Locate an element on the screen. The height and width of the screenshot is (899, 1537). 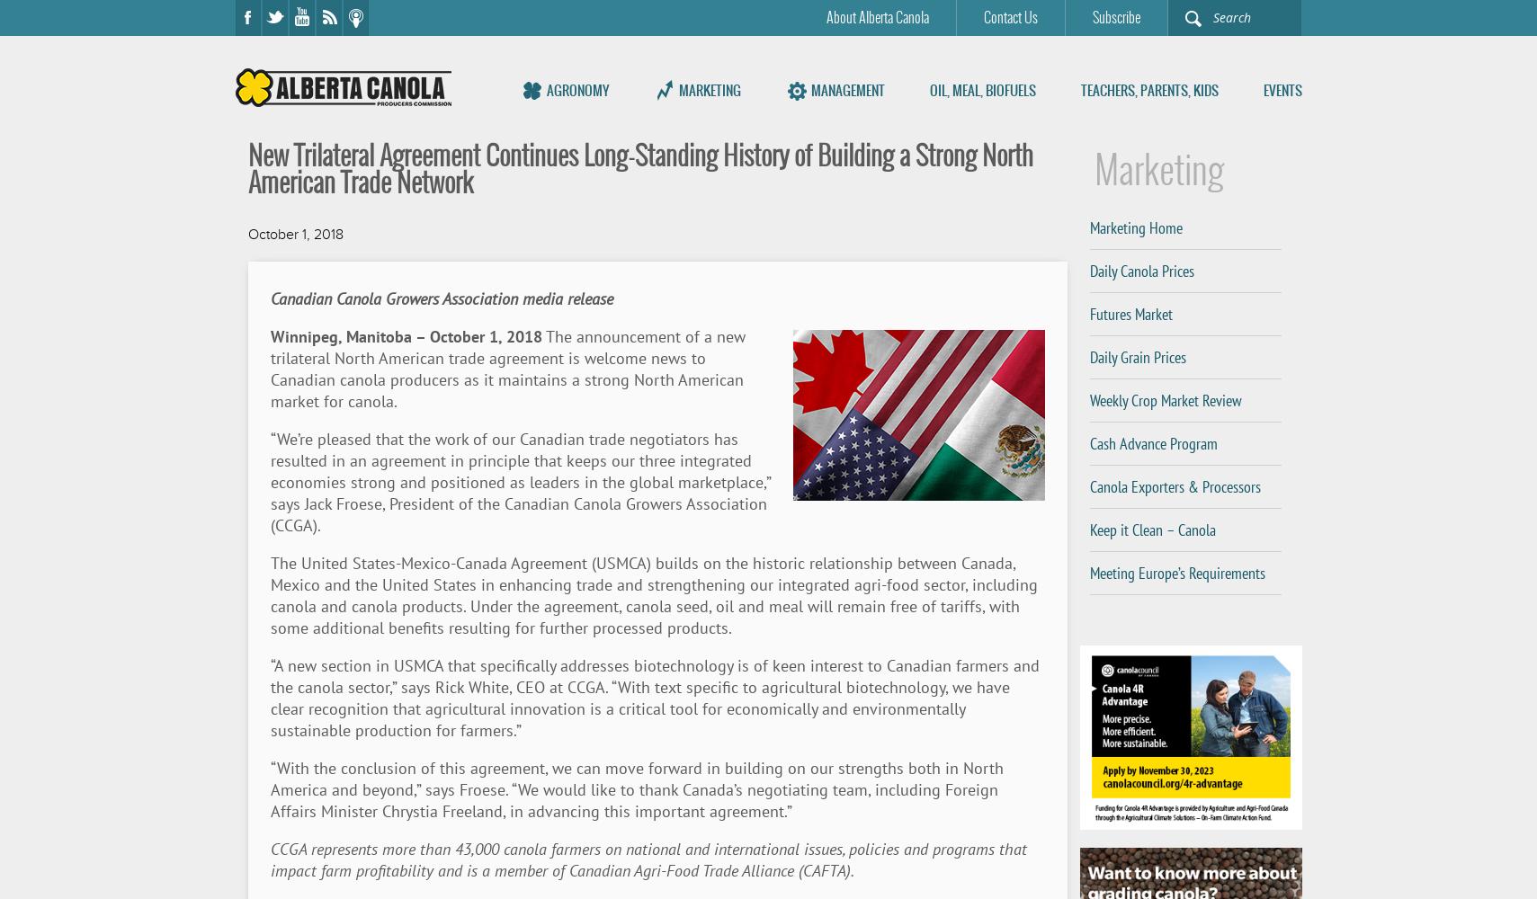
'Teachers, Parents, Kids' is located at coordinates (1148, 89).